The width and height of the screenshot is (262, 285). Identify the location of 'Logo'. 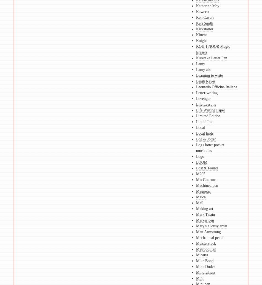
(200, 156).